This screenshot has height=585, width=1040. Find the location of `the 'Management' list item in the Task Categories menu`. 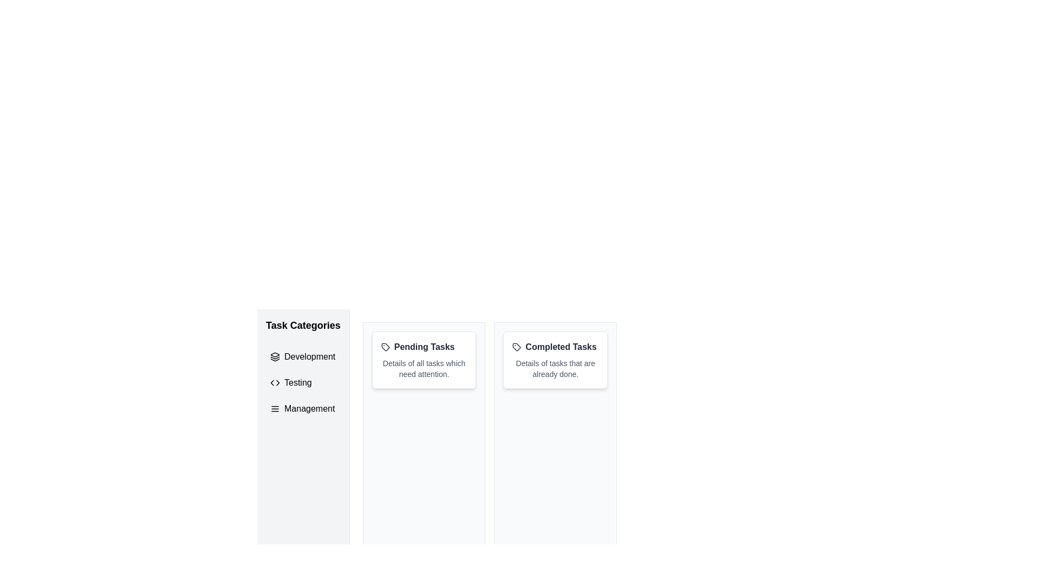

the 'Management' list item in the Task Categories menu is located at coordinates (303, 409).